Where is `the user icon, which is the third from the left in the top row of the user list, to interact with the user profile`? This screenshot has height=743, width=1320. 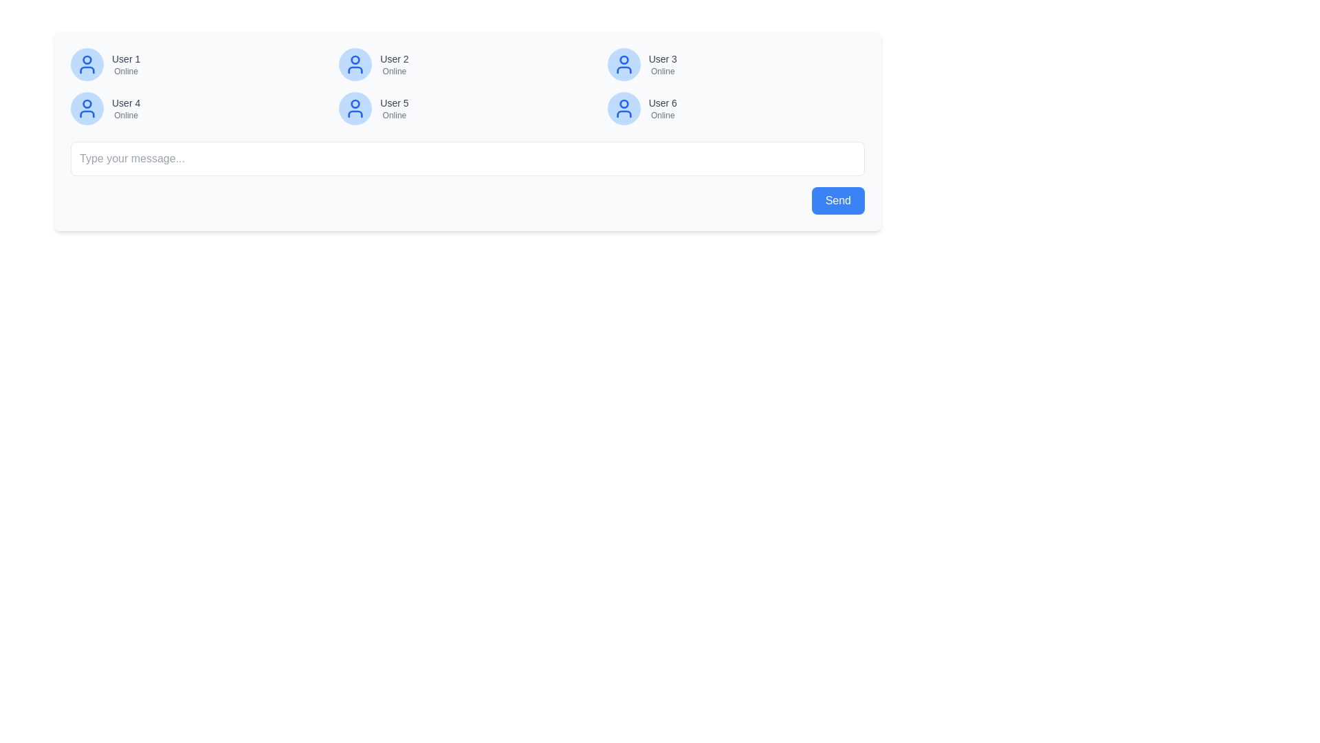
the user icon, which is the third from the left in the top row of the user list, to interact with the user profile is located at coordinates (623, 64).